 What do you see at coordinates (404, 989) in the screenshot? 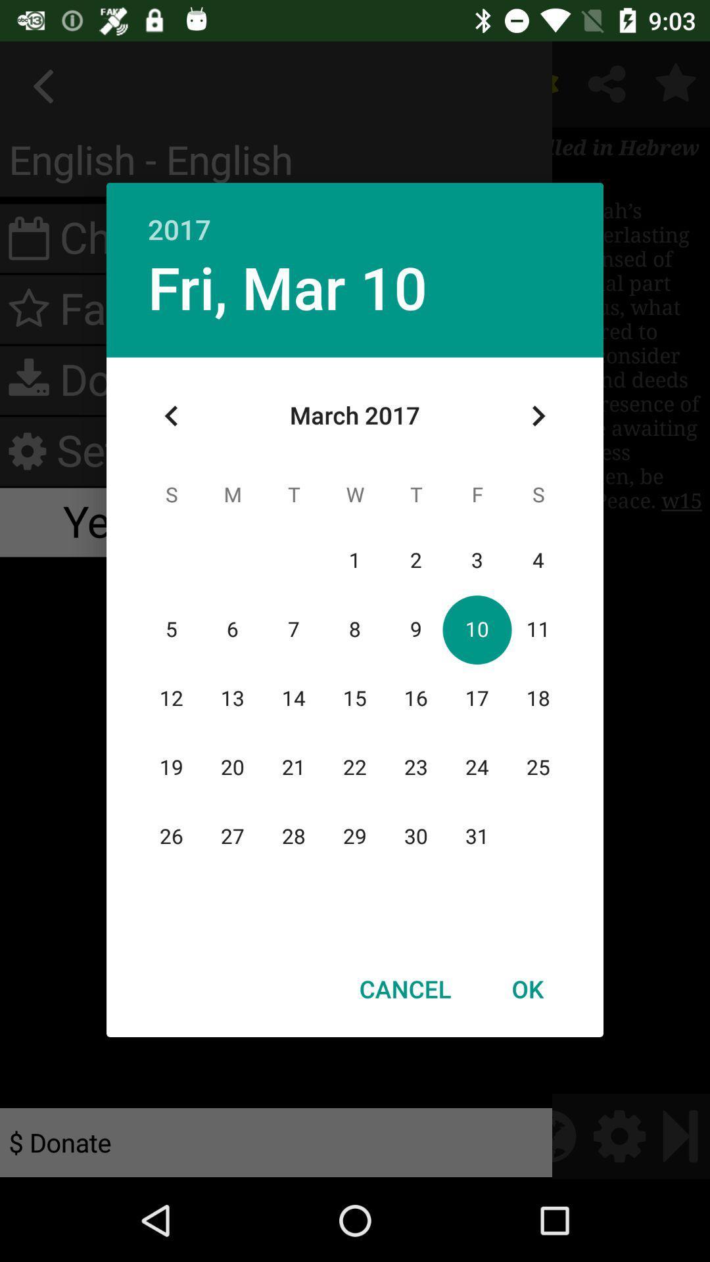
I see `icon at the bottom` at bounding box center [404, 989].